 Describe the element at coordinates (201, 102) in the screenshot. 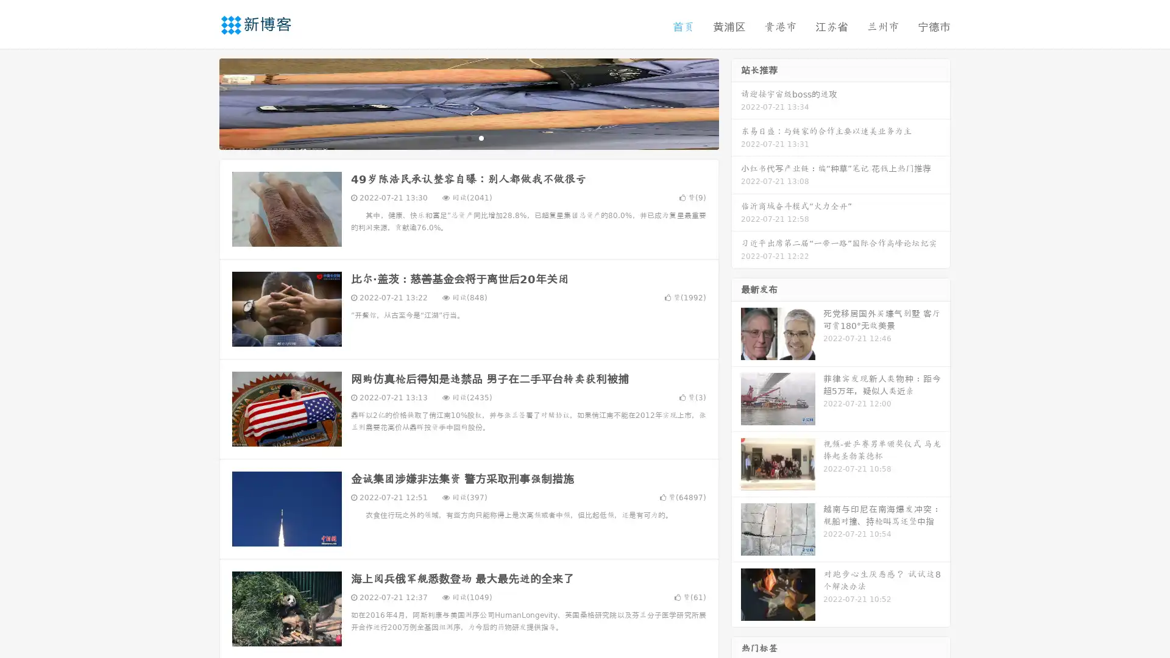

I see `Previous slide` at that location.